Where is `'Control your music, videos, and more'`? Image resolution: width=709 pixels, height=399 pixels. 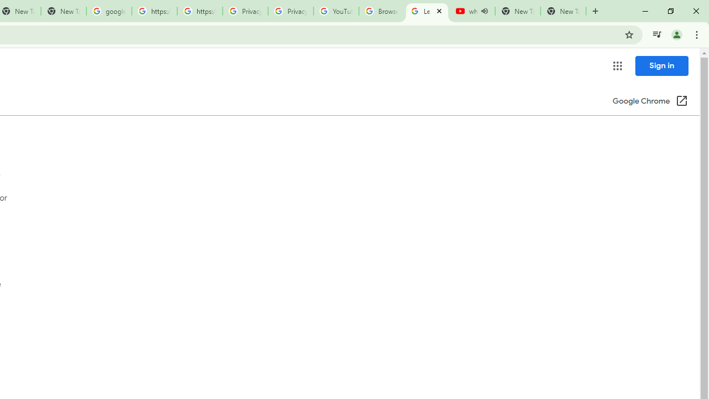
'Control your music, videos, and more' is located at coordinates (656, 34).